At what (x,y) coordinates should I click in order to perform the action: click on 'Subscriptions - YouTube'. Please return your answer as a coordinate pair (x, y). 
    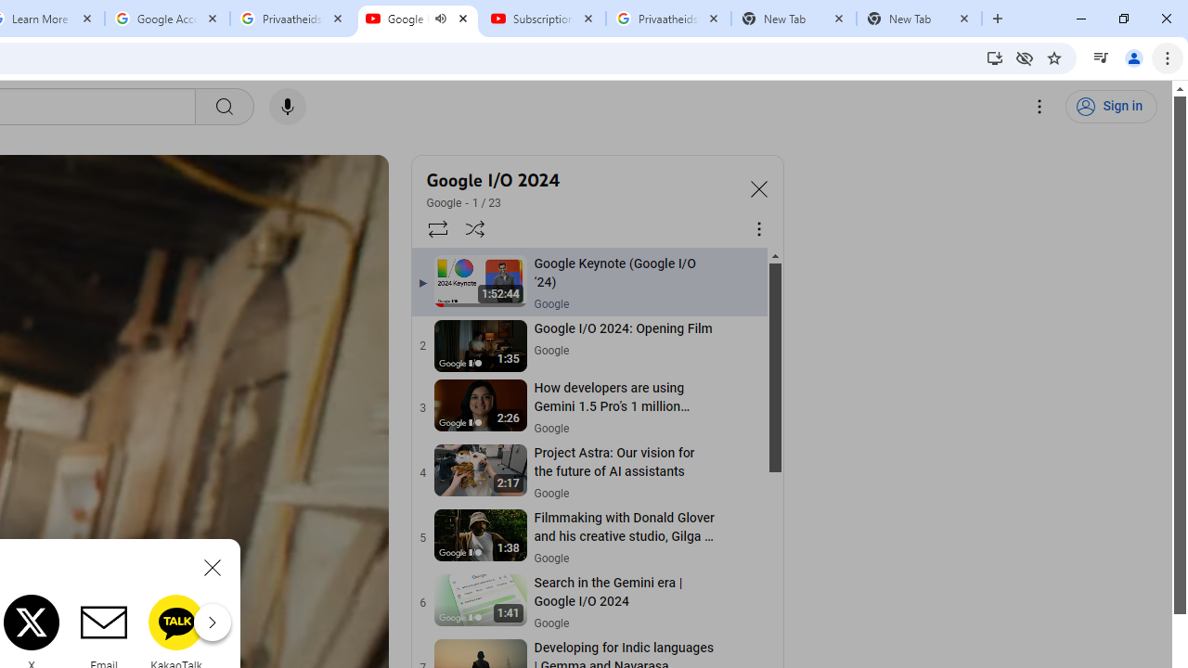
    Looking at the image, I should click on (542, 19).